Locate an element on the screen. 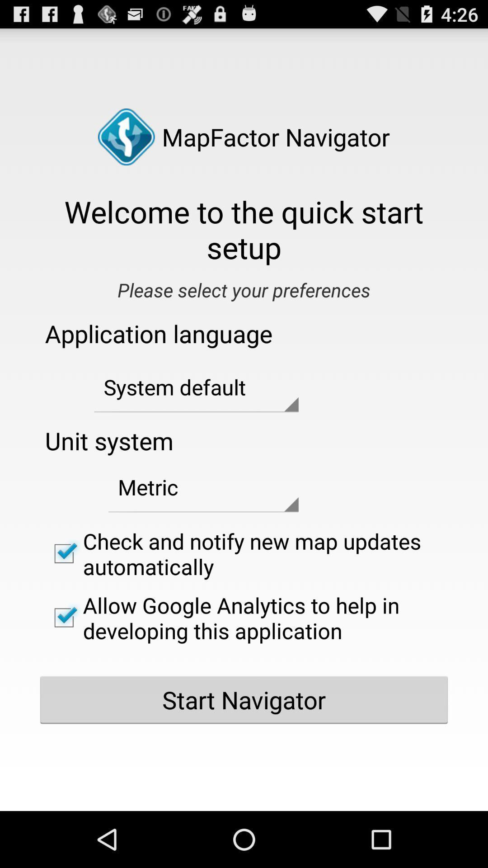 This screenshot has height=868, width=488. the icon below the allow google analytics icon is located at coordinates (244, 699).